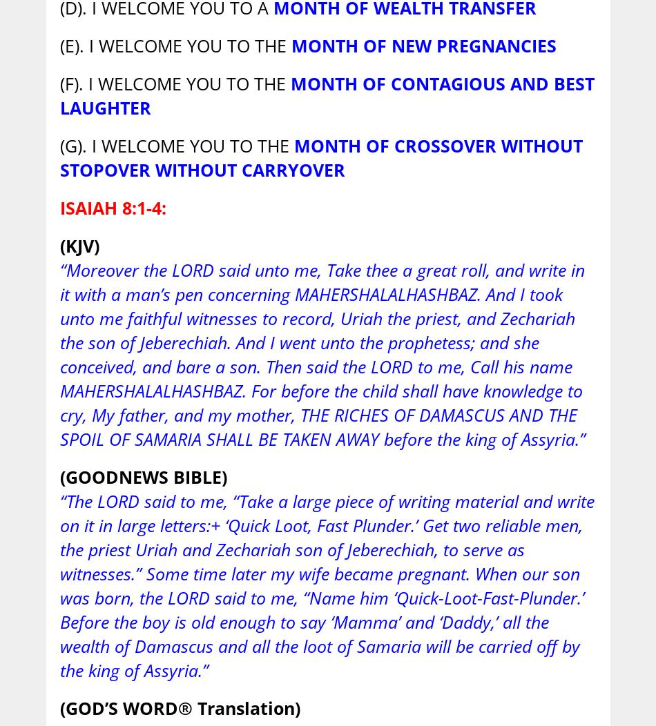 This screenshot has width=656, height=726. I want to click on '(GOD’S WORD® Translation)', so click(179, 707).